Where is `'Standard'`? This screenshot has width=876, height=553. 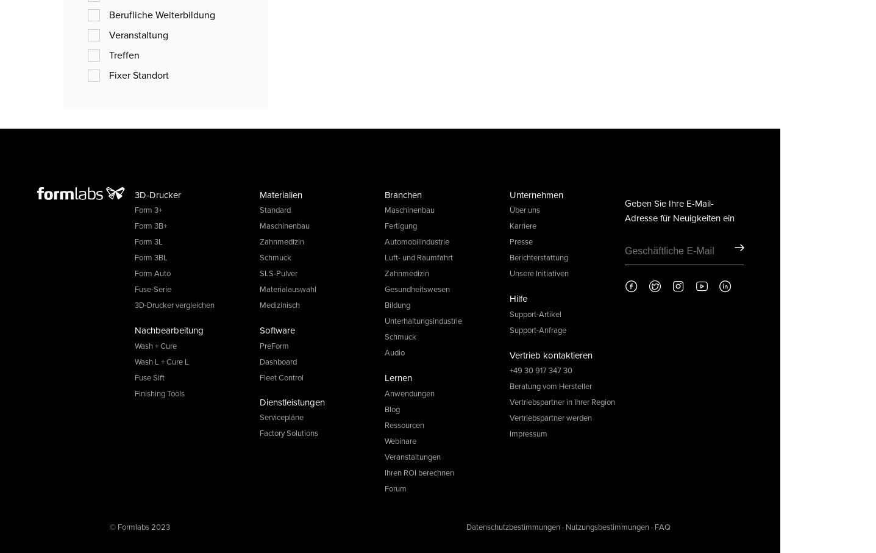
'Standard' is located at coordinates (260, 209).